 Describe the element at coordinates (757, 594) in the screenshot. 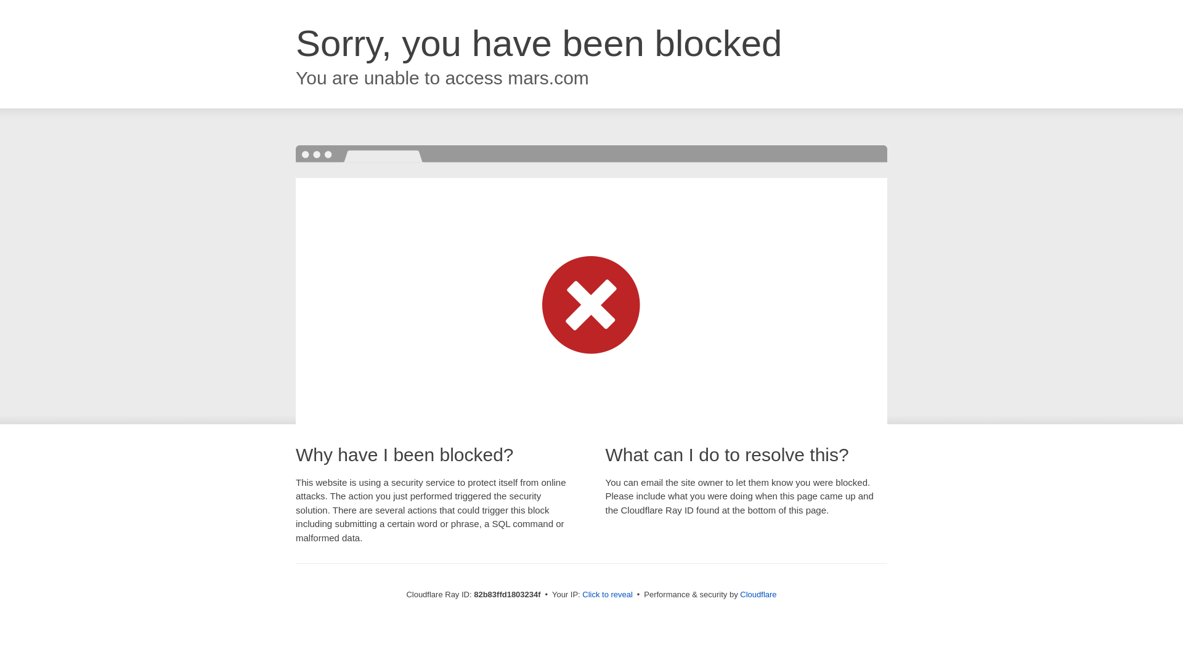

I see `'Cloudflare'` at that location.